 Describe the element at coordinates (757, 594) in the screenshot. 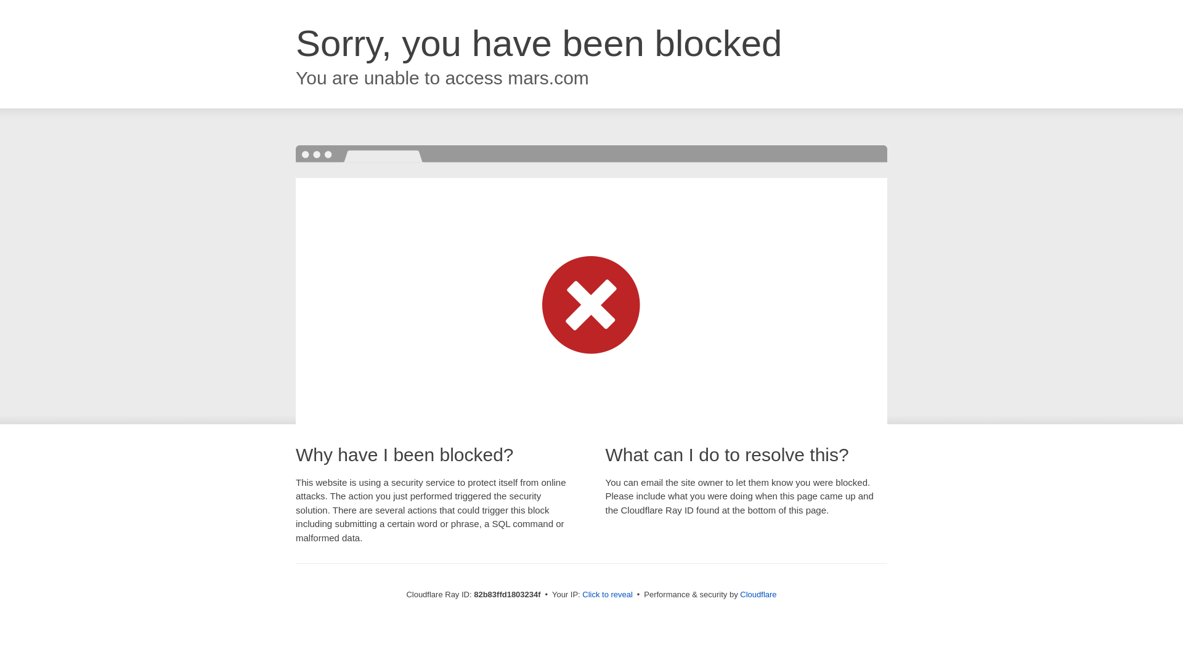

I see `'Cloudflare'` at that location.